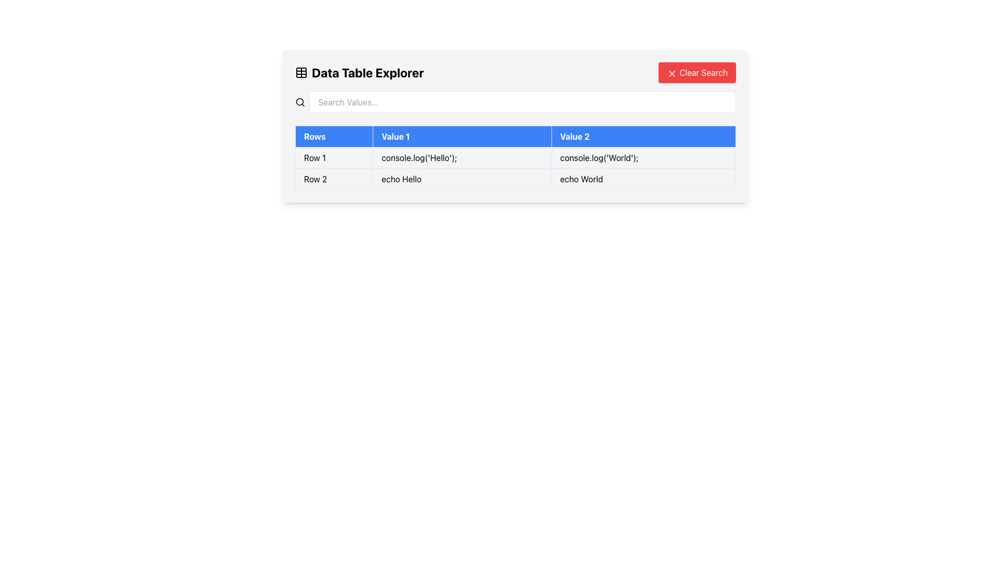 The image size is (998, 561). What do you see at coordinates (516, 178) in the screenshot?
I see `the second data row labeled 'Row 2' in the table, which contains the texts 'echo Hello' and 'echo World'` at bounding box center [516, 178].